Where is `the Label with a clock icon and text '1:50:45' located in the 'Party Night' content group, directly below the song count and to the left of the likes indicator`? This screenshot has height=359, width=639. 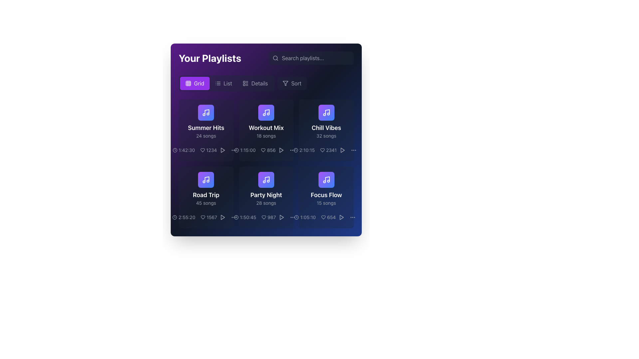 the Label with a clock icon and text '1:50:45' located in the 'Party Night' content group, directly below the song count and to the left of the likes indicator is located at coordinates (245, 217).